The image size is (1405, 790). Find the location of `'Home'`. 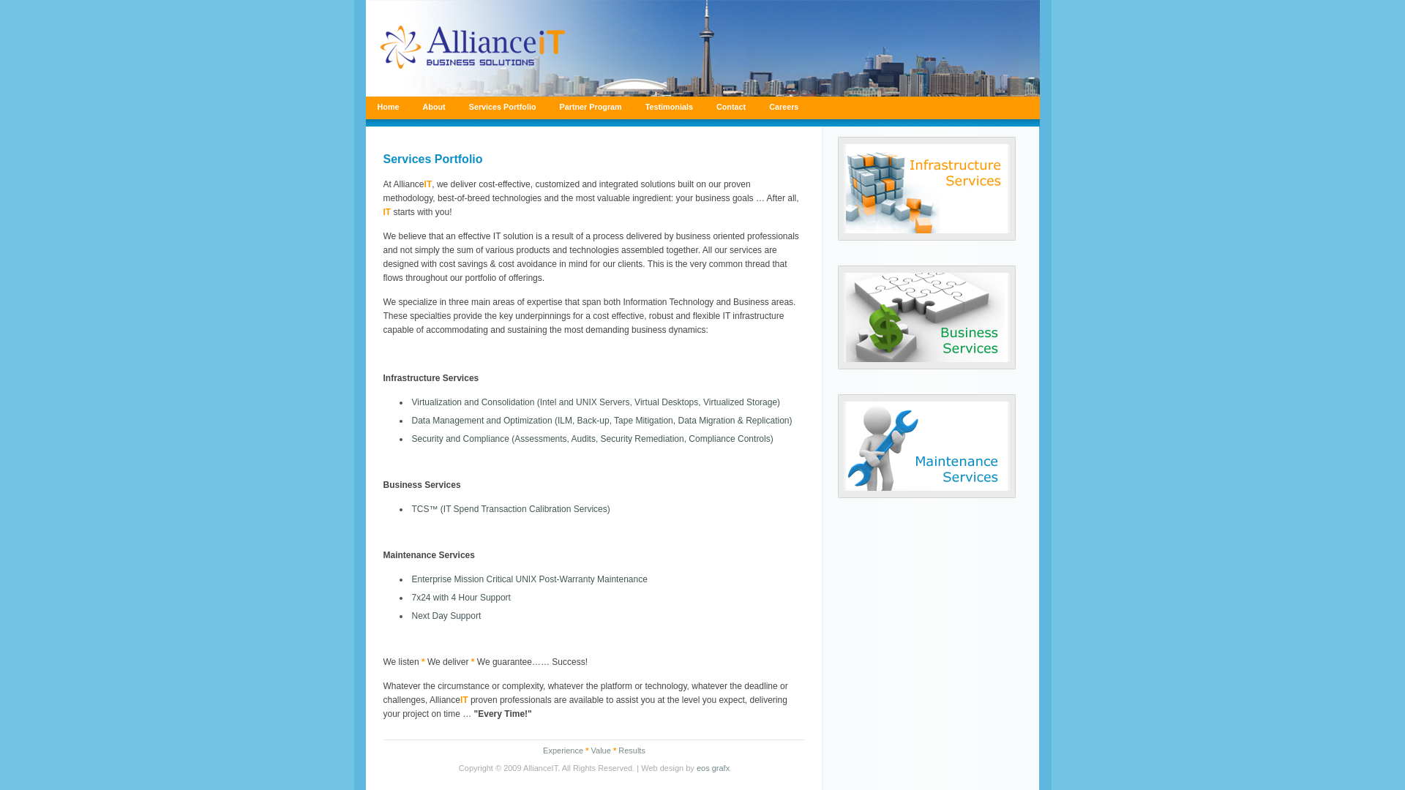

'Home' is located at coordinates (389, 106).